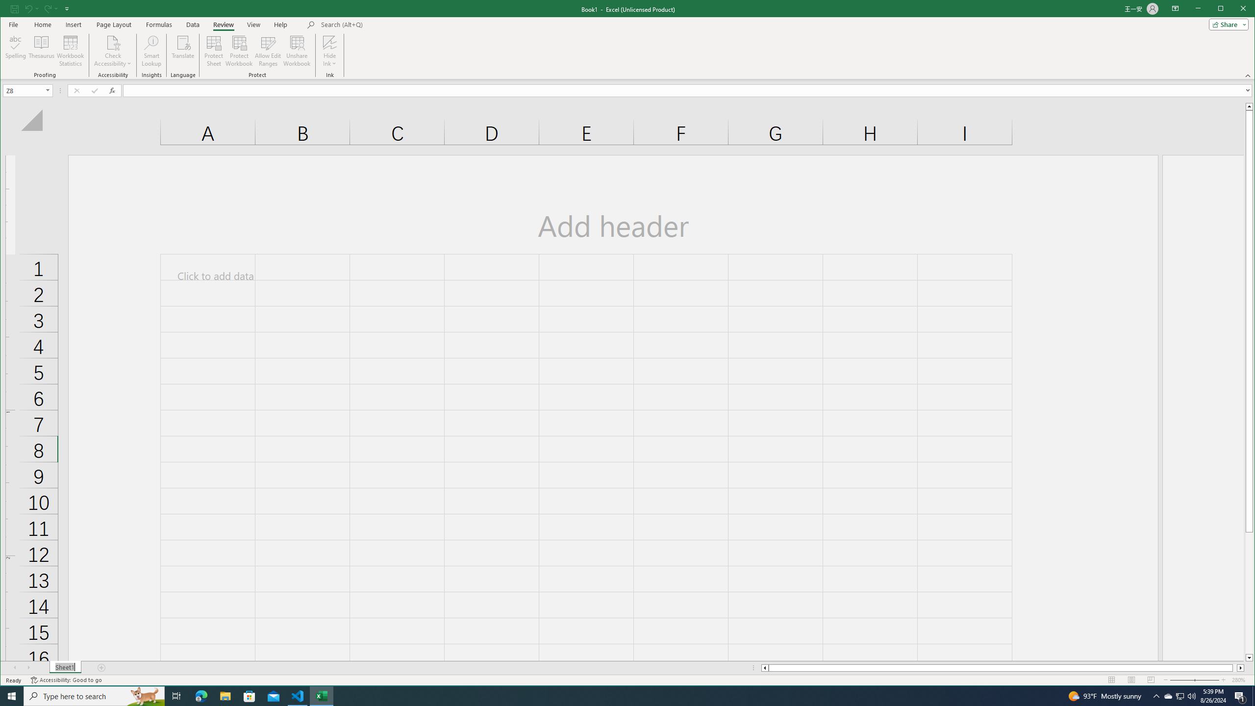  I want to click on 'Page Break Preview', so click(1151, 680).